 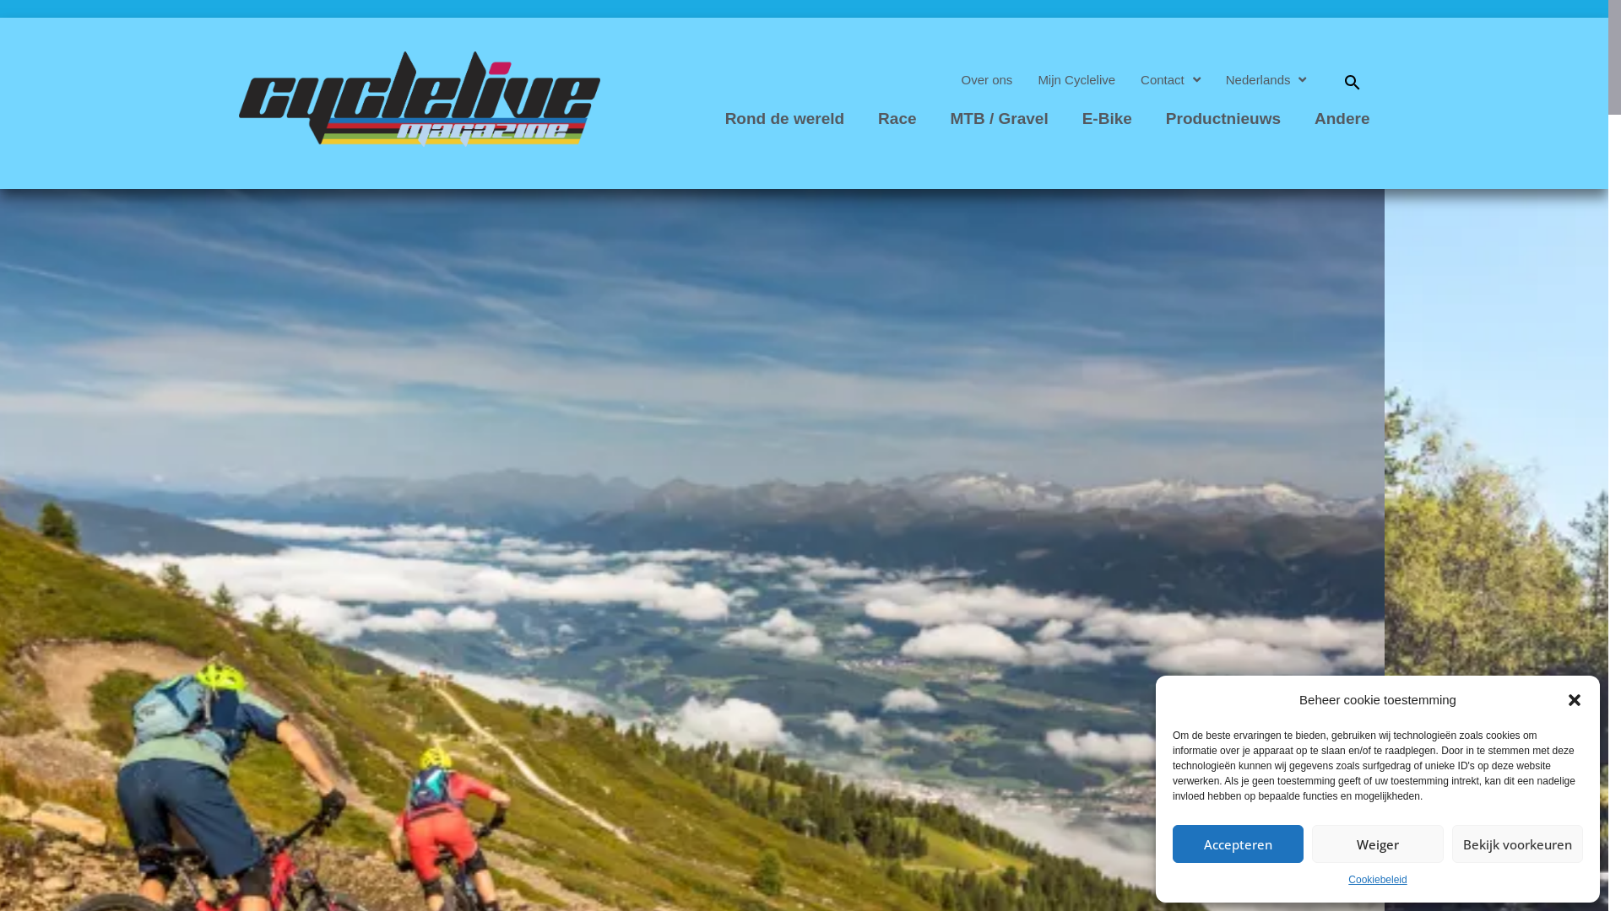 I want to click on 'Weiger', so click(x=1311, y=844).